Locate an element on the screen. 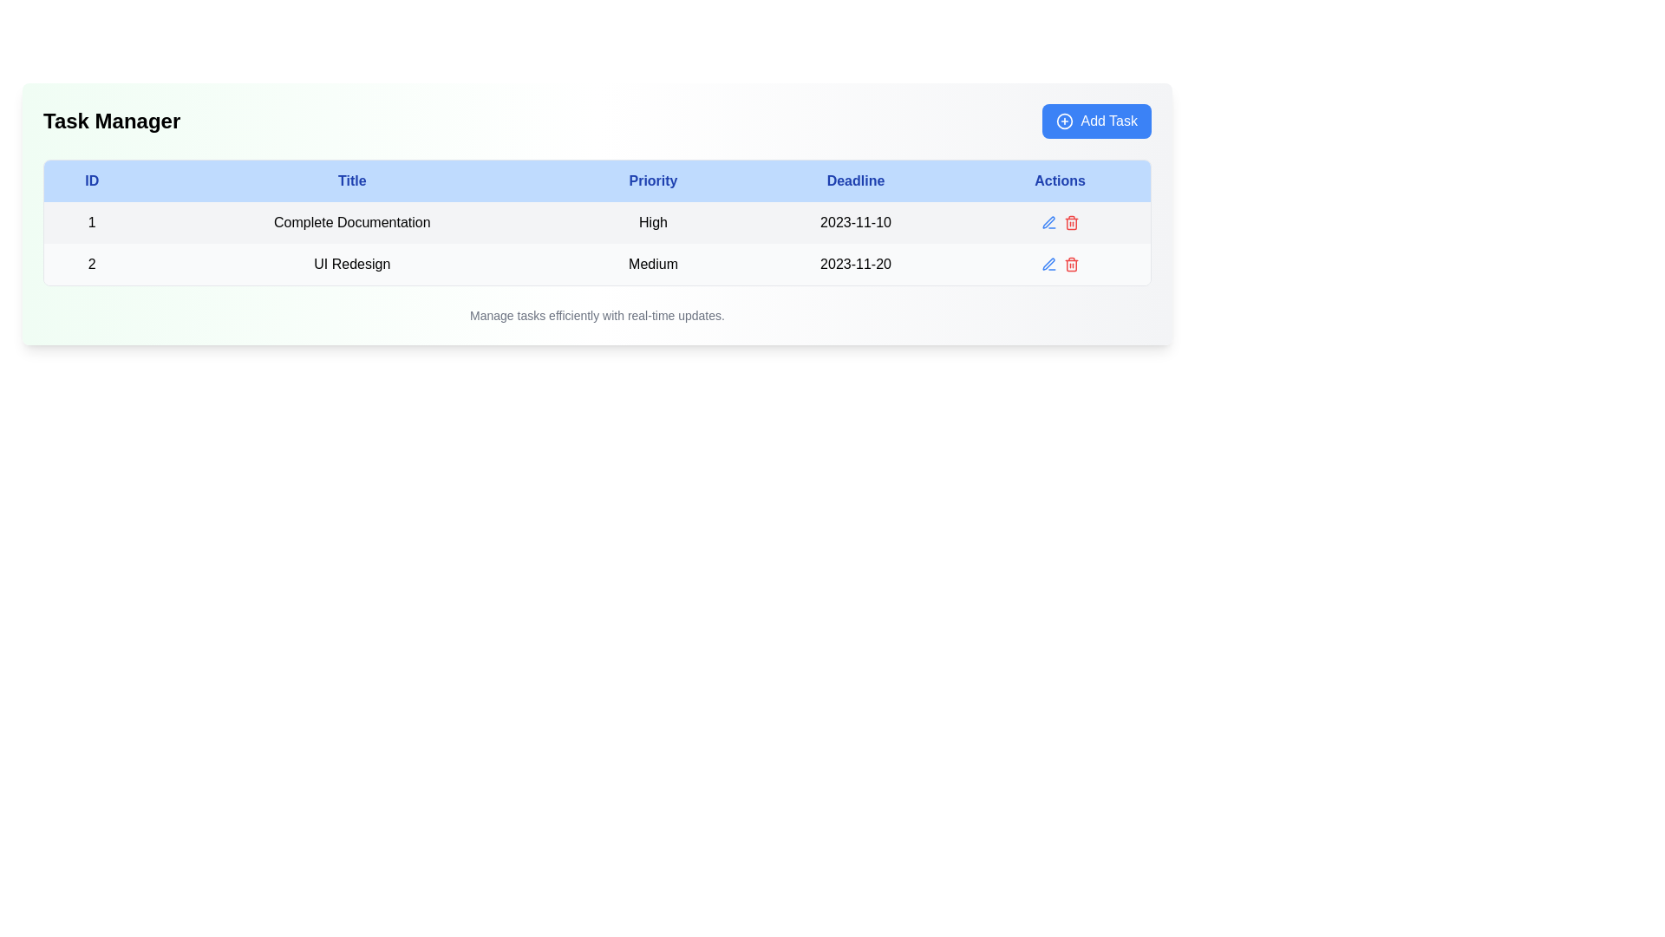  the text display that reads 'UI Redesign' located in the second column of the second row of a task management table is located at coordinates (351, 264).